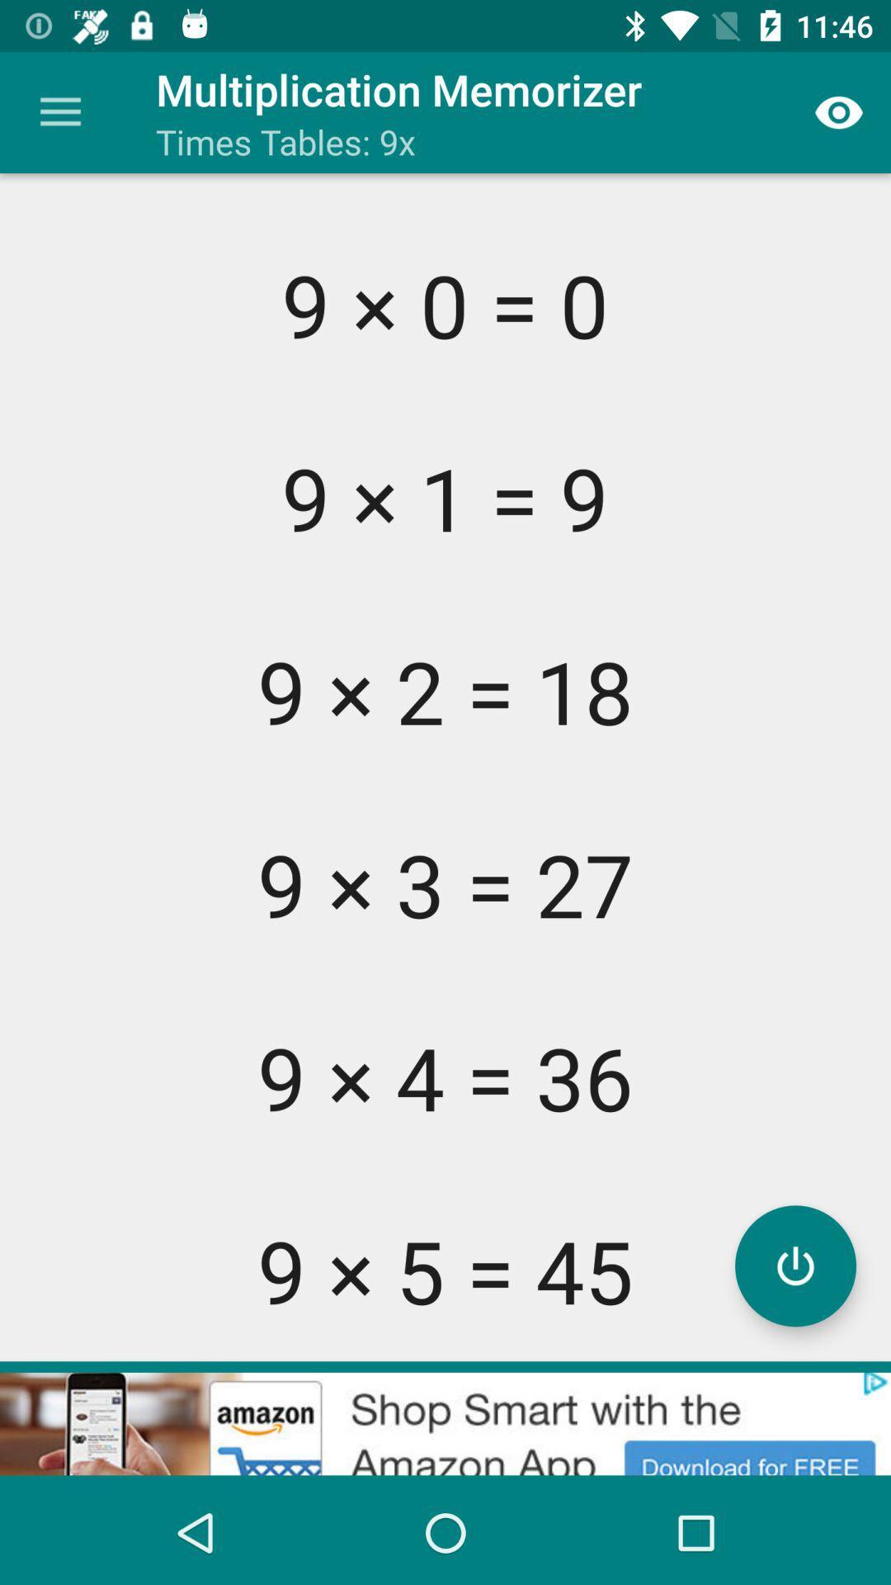 This screenshot has height=1585, width=891. Describe the element at coordinates (794, 1265) in the screenshot. I see `on or off` at that location.